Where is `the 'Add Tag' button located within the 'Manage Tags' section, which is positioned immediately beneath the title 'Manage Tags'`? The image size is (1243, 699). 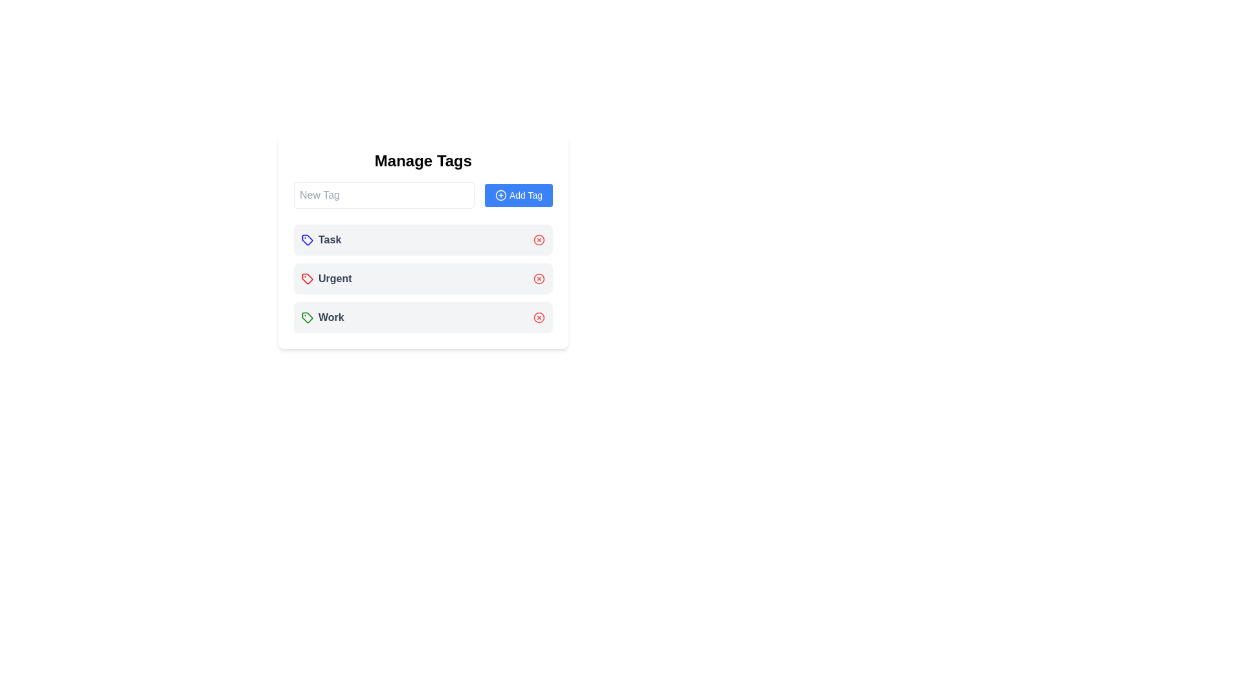 the 'Add Tag' button located within the 'Manage Tags' section, which is positioned immediately beneath the title 'Manage Tags' is located at coordinates (423, 195).